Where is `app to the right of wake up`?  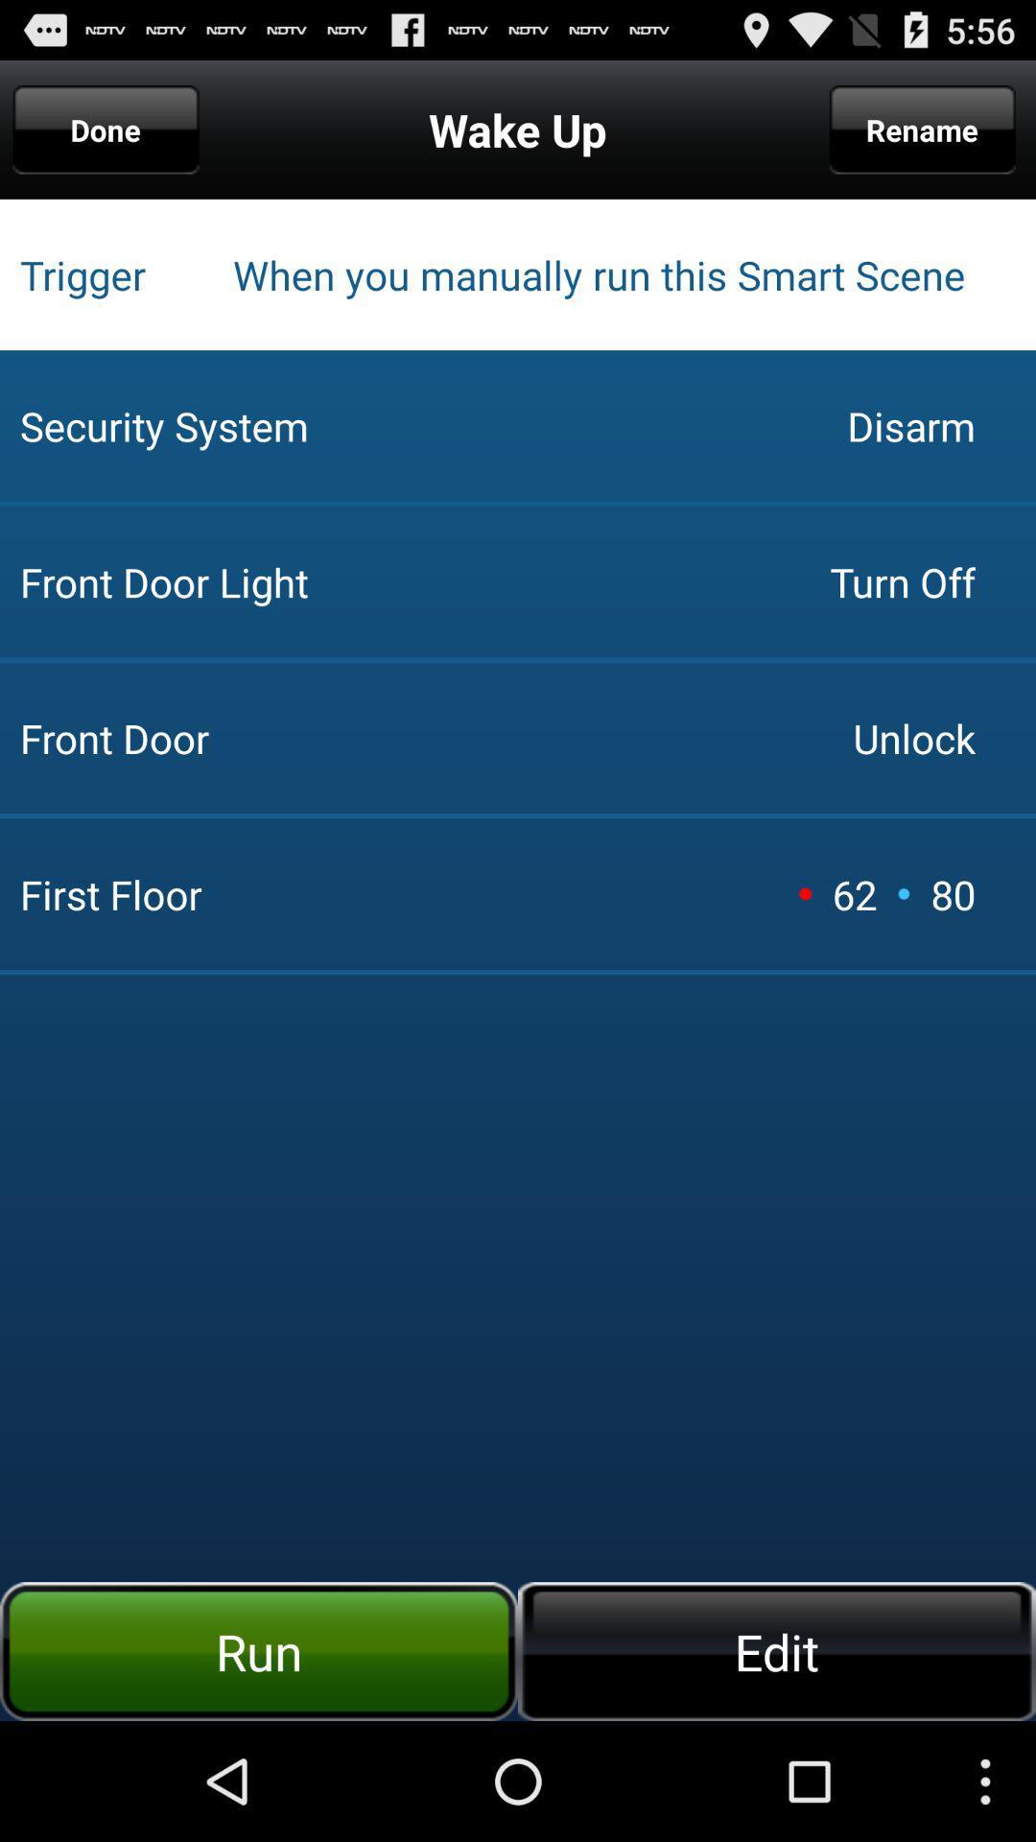
app to the right of wake up is located at coordinates (921, 129).